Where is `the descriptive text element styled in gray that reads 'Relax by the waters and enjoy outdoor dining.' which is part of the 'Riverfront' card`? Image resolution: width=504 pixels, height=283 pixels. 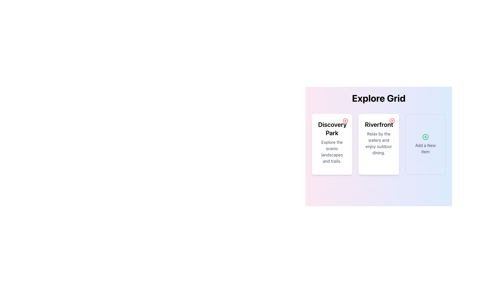 the descriptive text element styled in gray that reads 'Relax by the waters and enjoy outdoor dining.' which is part of the 'Riverfront' card is located at coordinates (379, 143).